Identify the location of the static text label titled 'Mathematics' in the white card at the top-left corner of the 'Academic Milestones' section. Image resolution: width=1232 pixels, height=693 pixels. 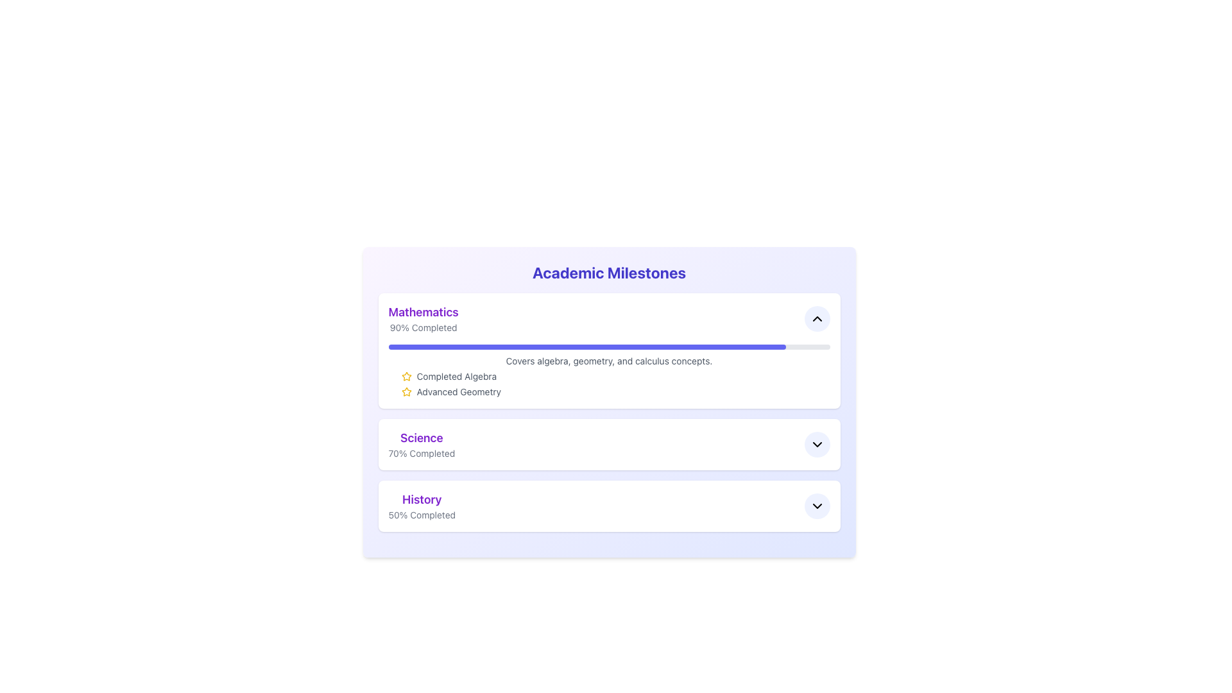
(424, 312).